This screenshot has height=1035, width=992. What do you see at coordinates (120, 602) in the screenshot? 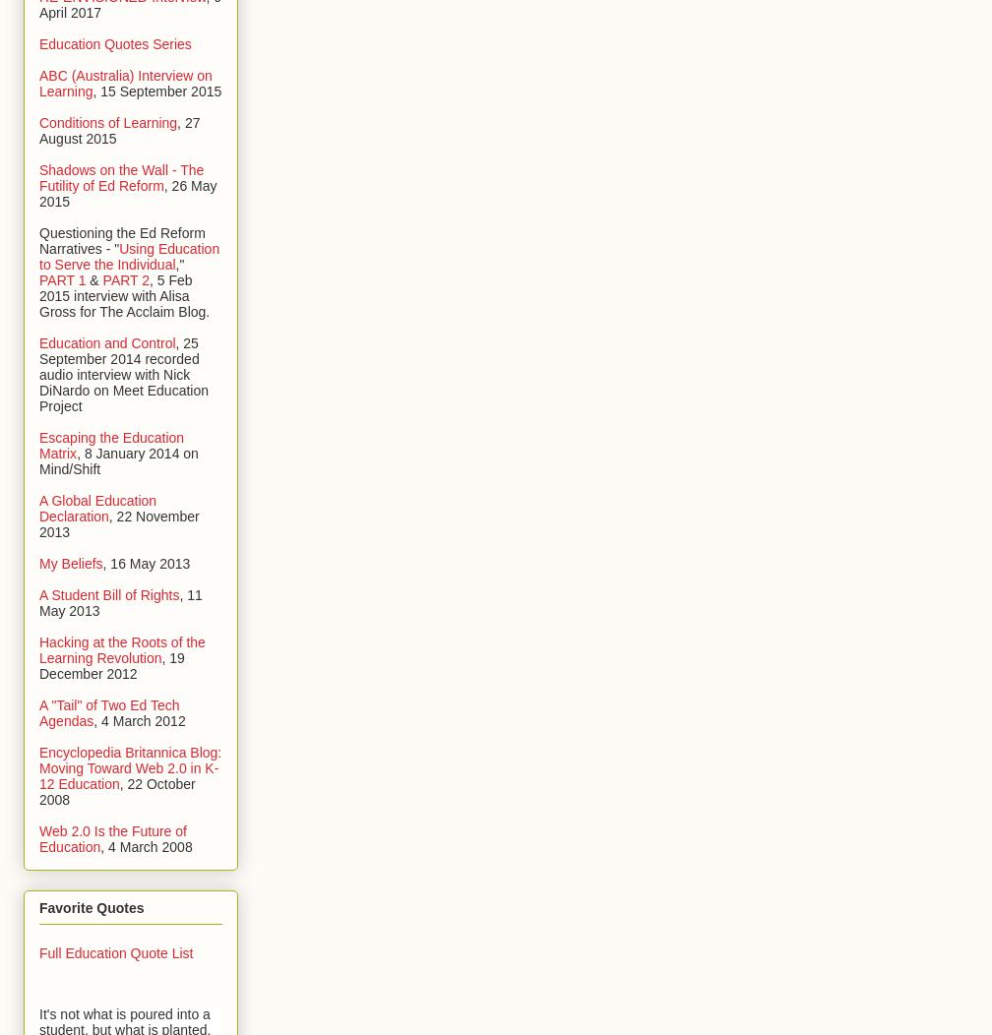
I see `', 11 May 2013'` at bounding box center [120, 602].